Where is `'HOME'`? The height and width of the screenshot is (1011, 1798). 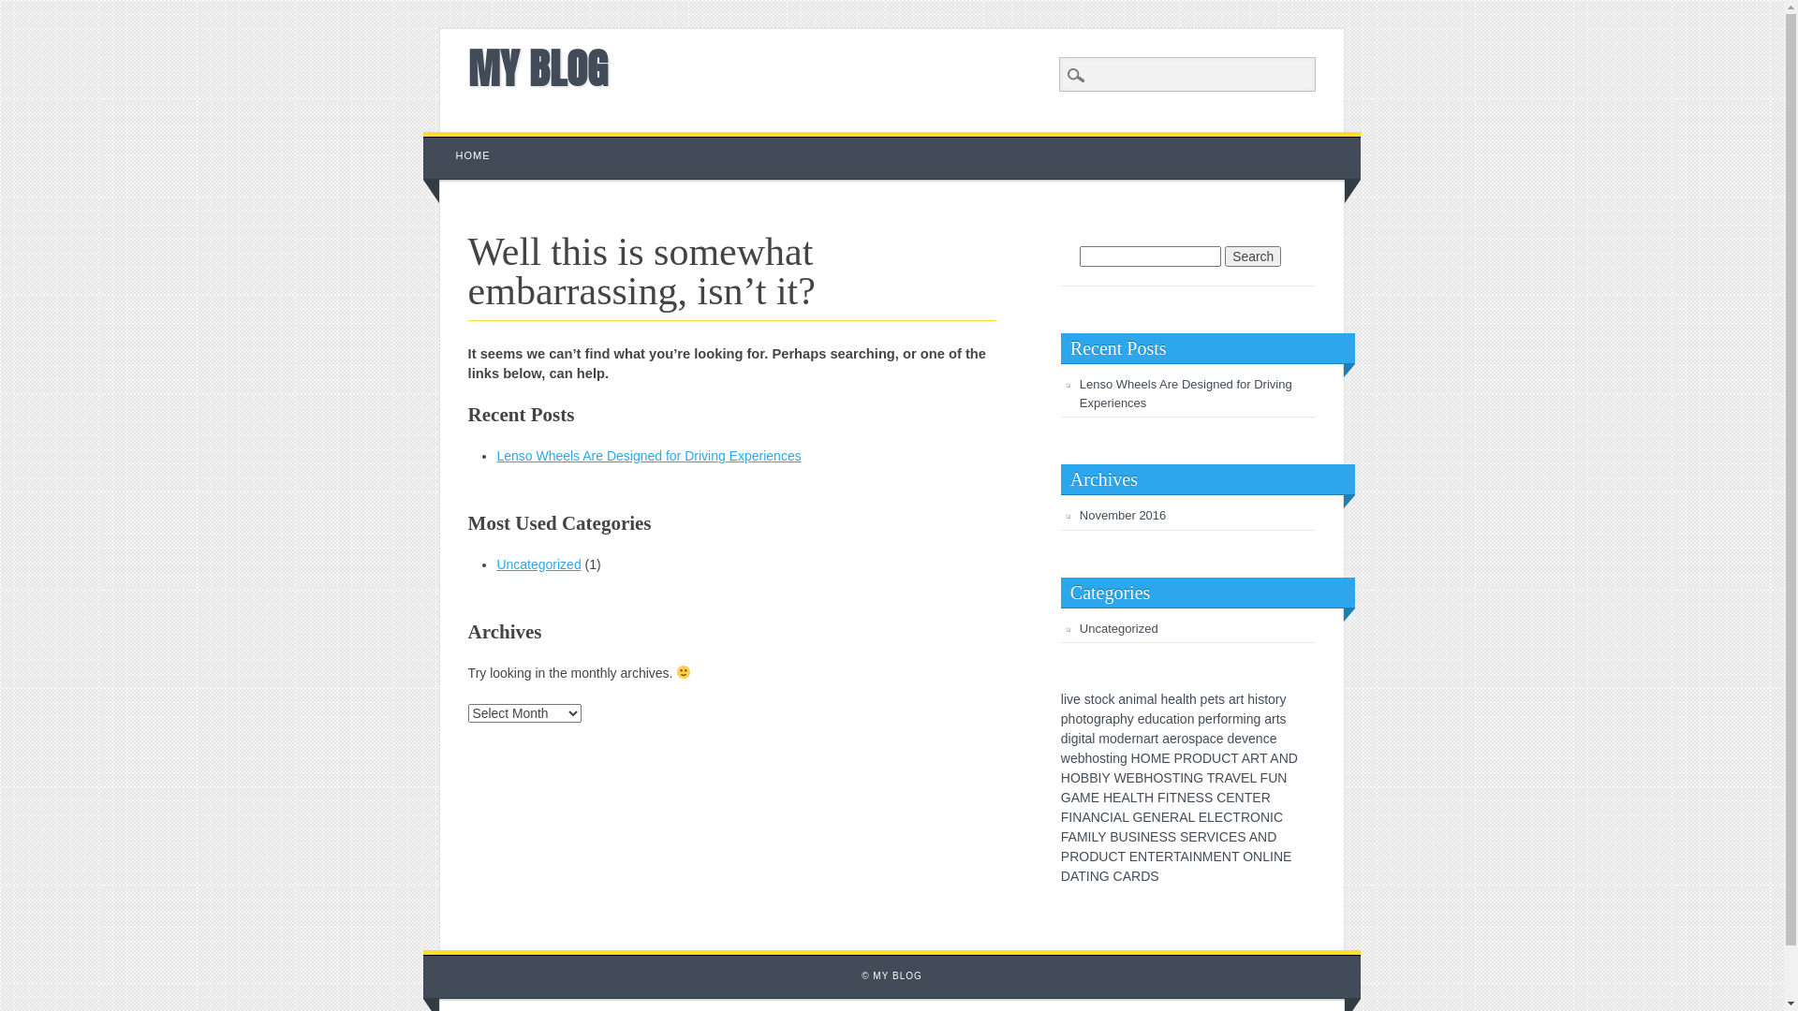
'HOME' is located at coordinates (473, 154).